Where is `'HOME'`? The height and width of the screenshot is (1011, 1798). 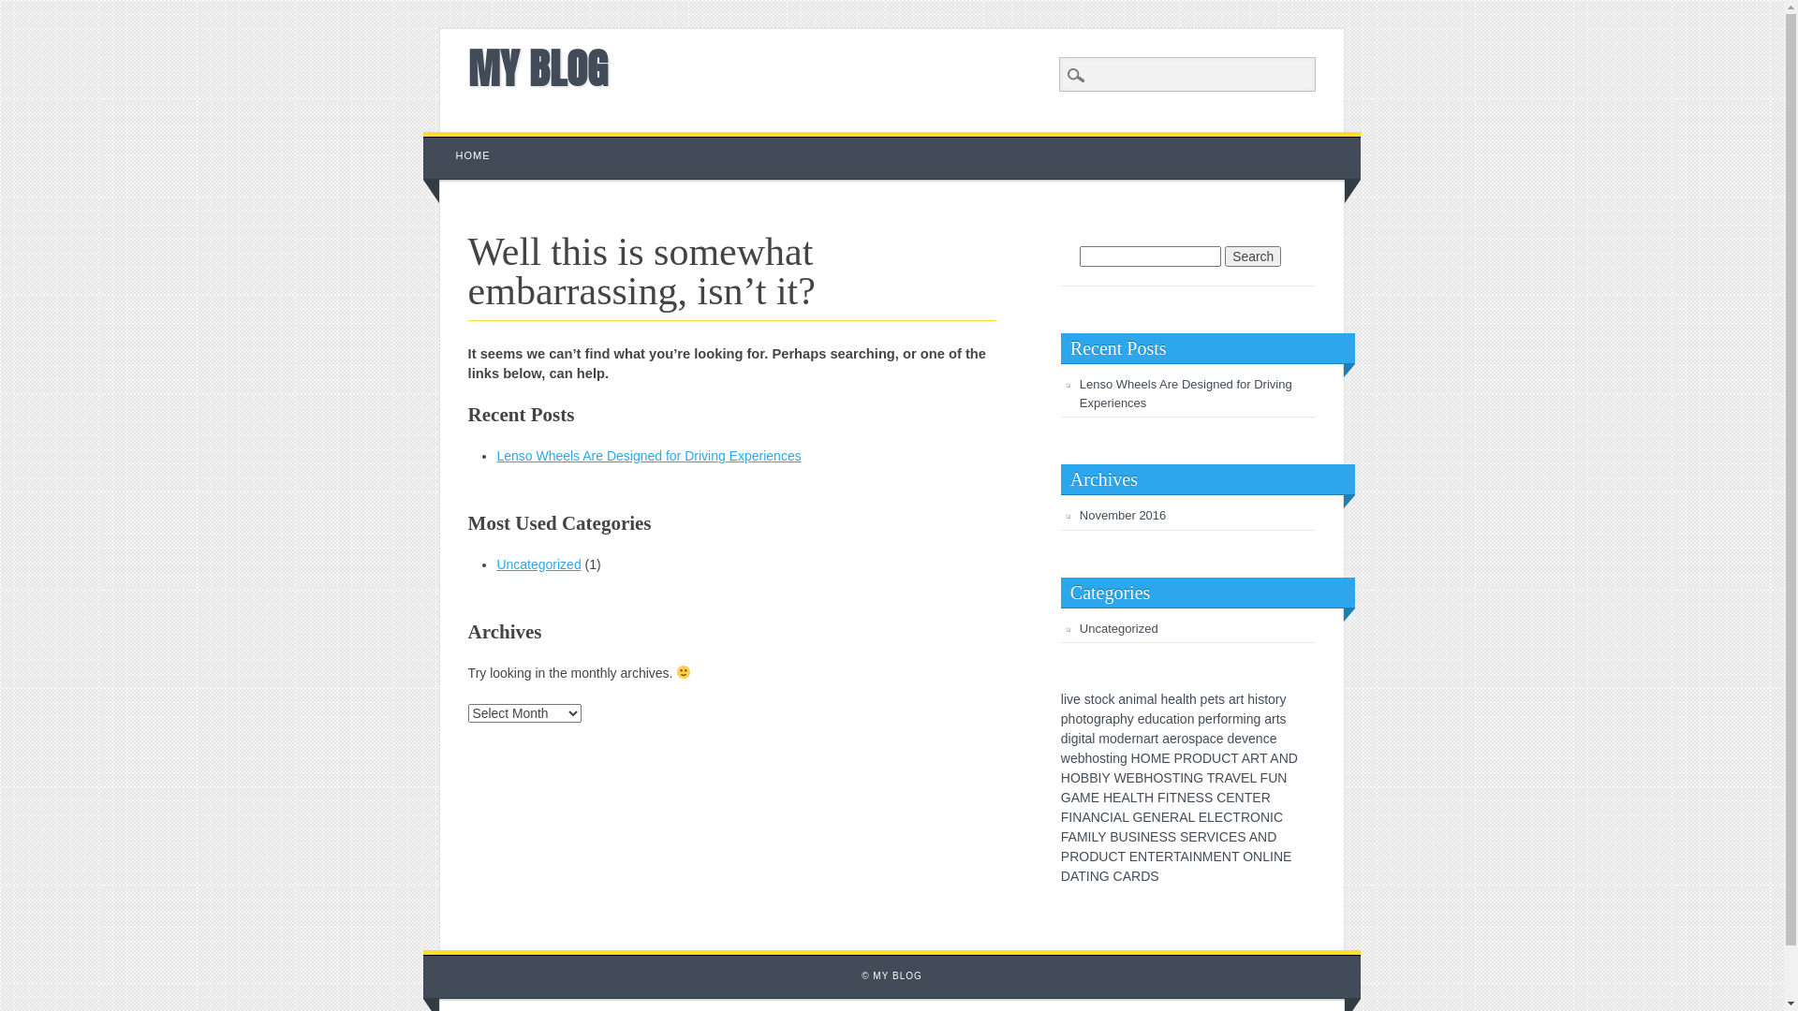
'HOME' is located at coordinates (473, 154).